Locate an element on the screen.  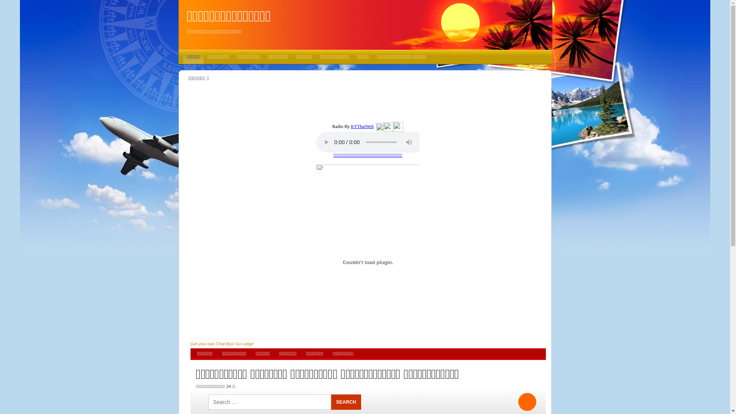
'Go Large!' is located at coordinates (235, 343).